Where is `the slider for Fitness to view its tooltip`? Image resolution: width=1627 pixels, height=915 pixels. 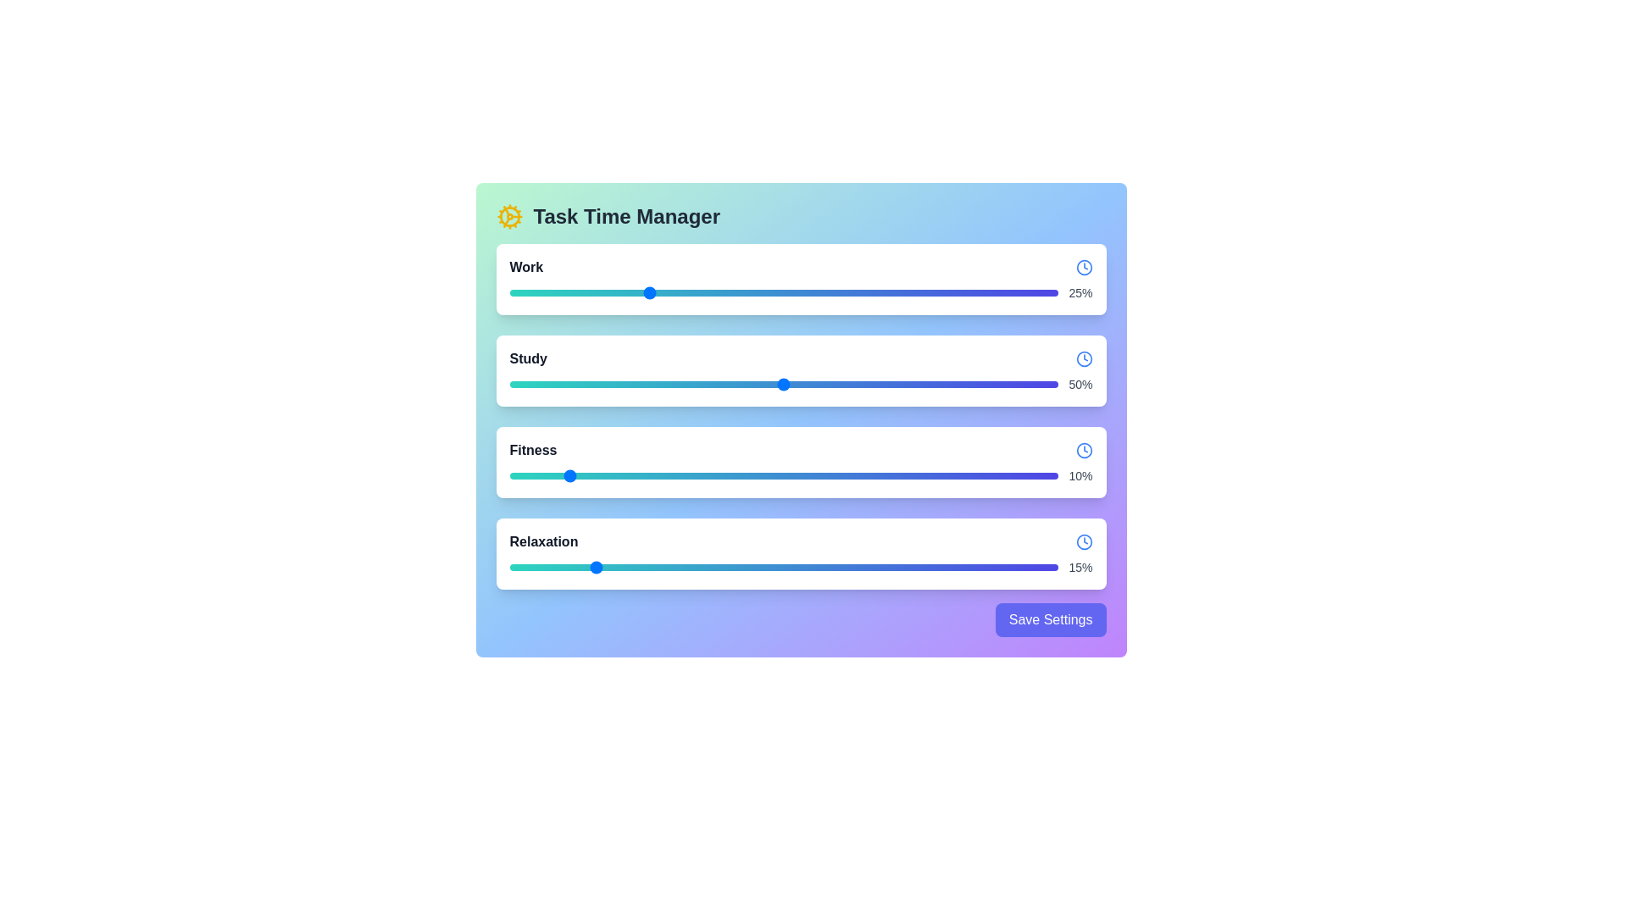 the slider for Fitness to view its tooltip is located at coordinates (783, 476).